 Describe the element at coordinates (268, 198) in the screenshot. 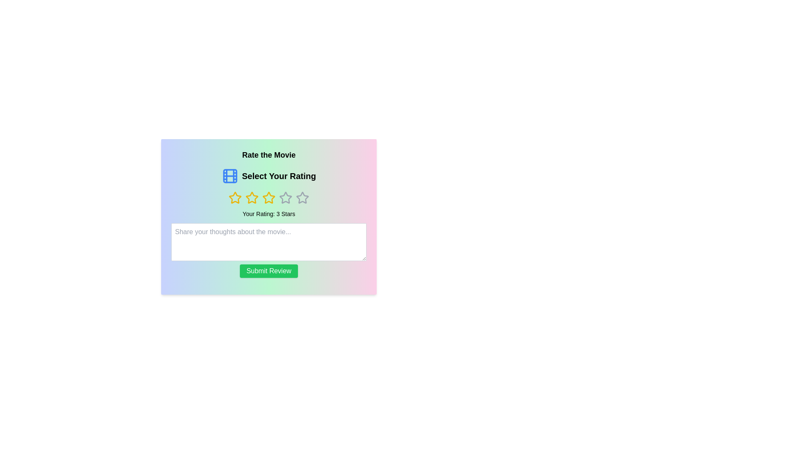

I see `the third star` at that location.